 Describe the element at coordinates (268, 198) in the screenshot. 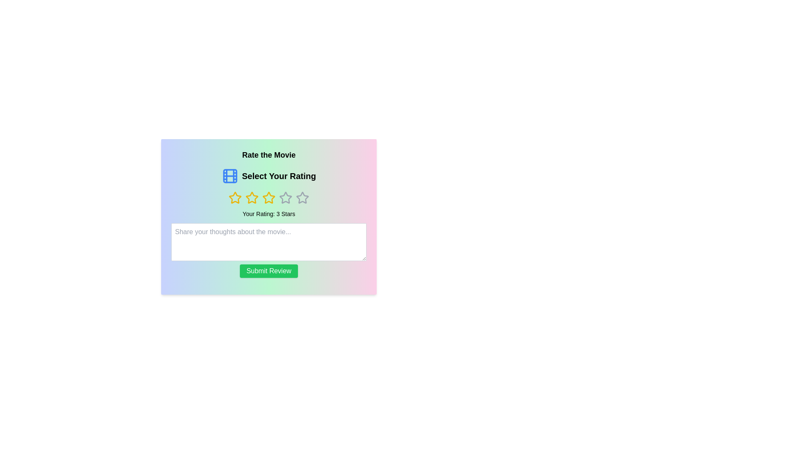

I see `the third star` at that location.